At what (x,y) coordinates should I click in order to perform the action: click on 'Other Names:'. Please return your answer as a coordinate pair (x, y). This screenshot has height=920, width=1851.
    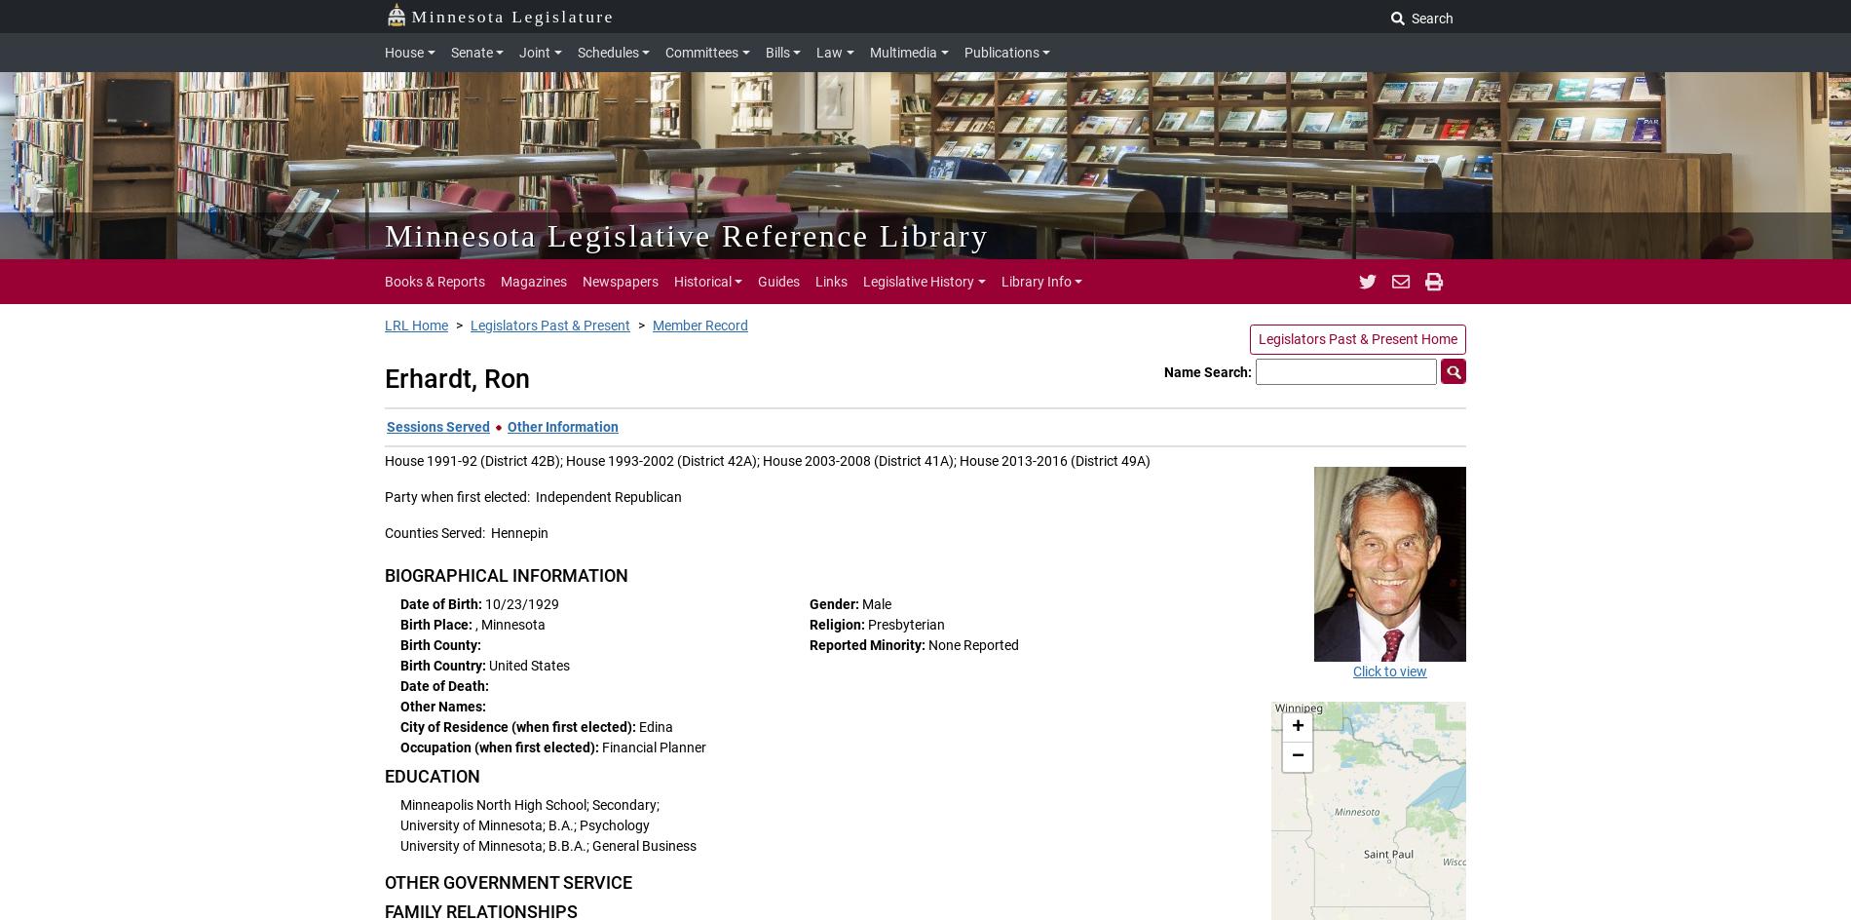
    Looking at the image, I should click on (442, 706).